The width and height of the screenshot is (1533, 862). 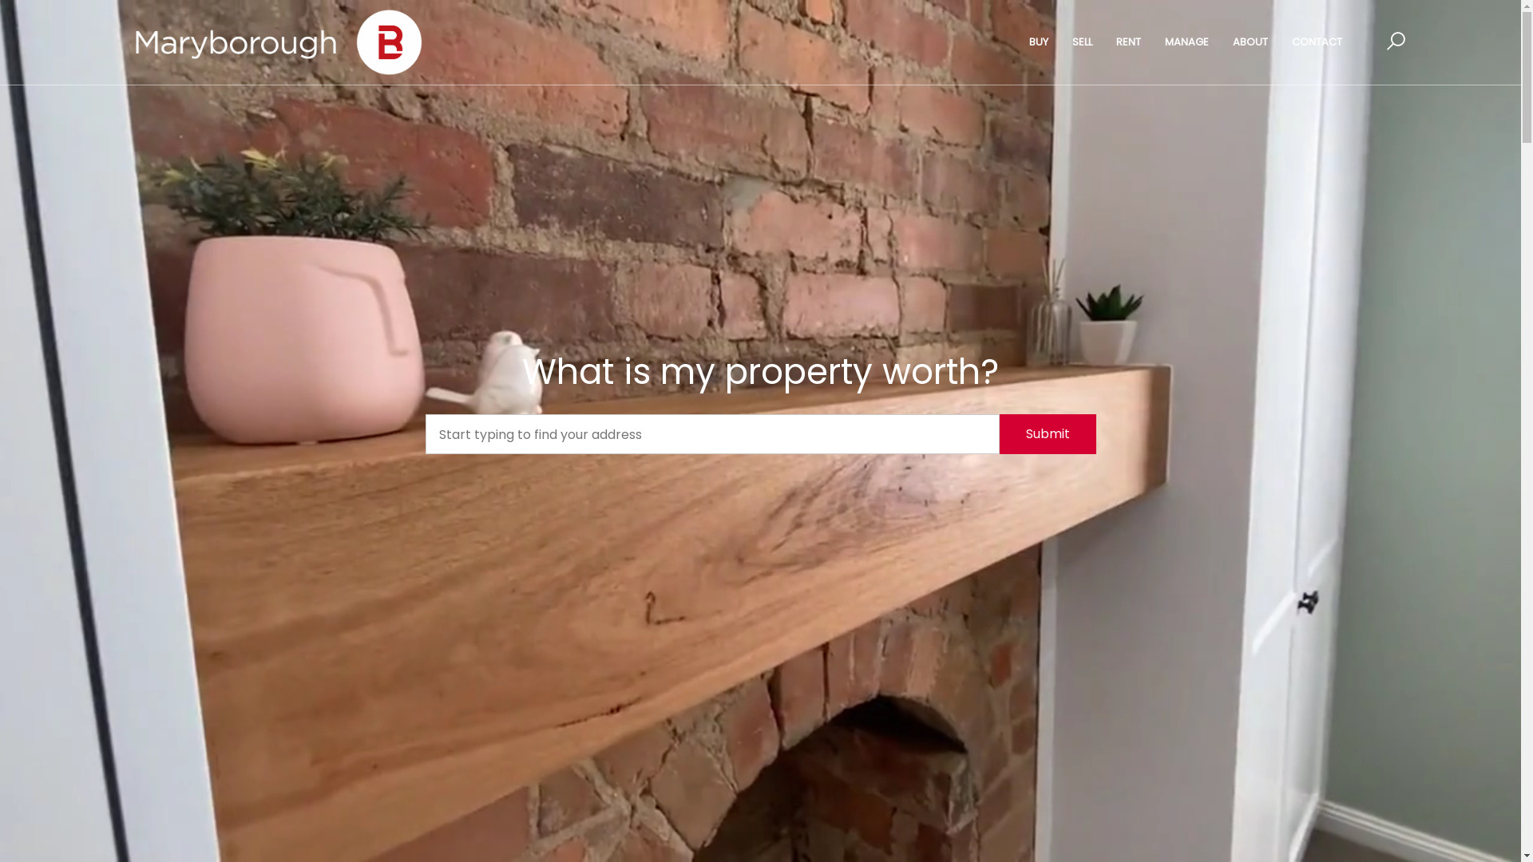 I want to click on 'SELL', so click(x=1082, y=42).